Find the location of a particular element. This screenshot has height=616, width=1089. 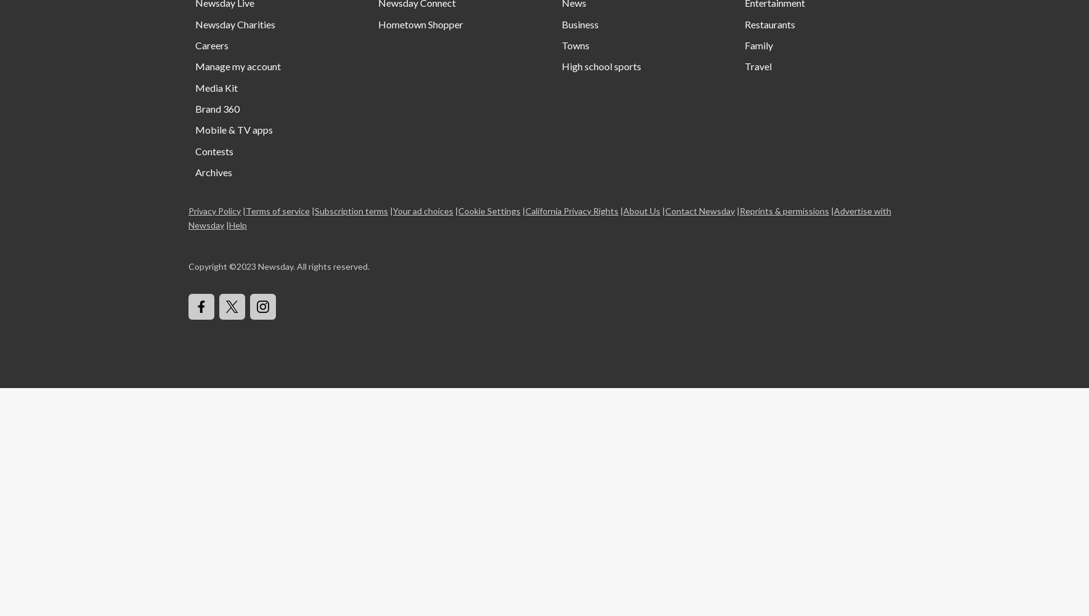

'Terms of service' is located at coordinates (277, 209).